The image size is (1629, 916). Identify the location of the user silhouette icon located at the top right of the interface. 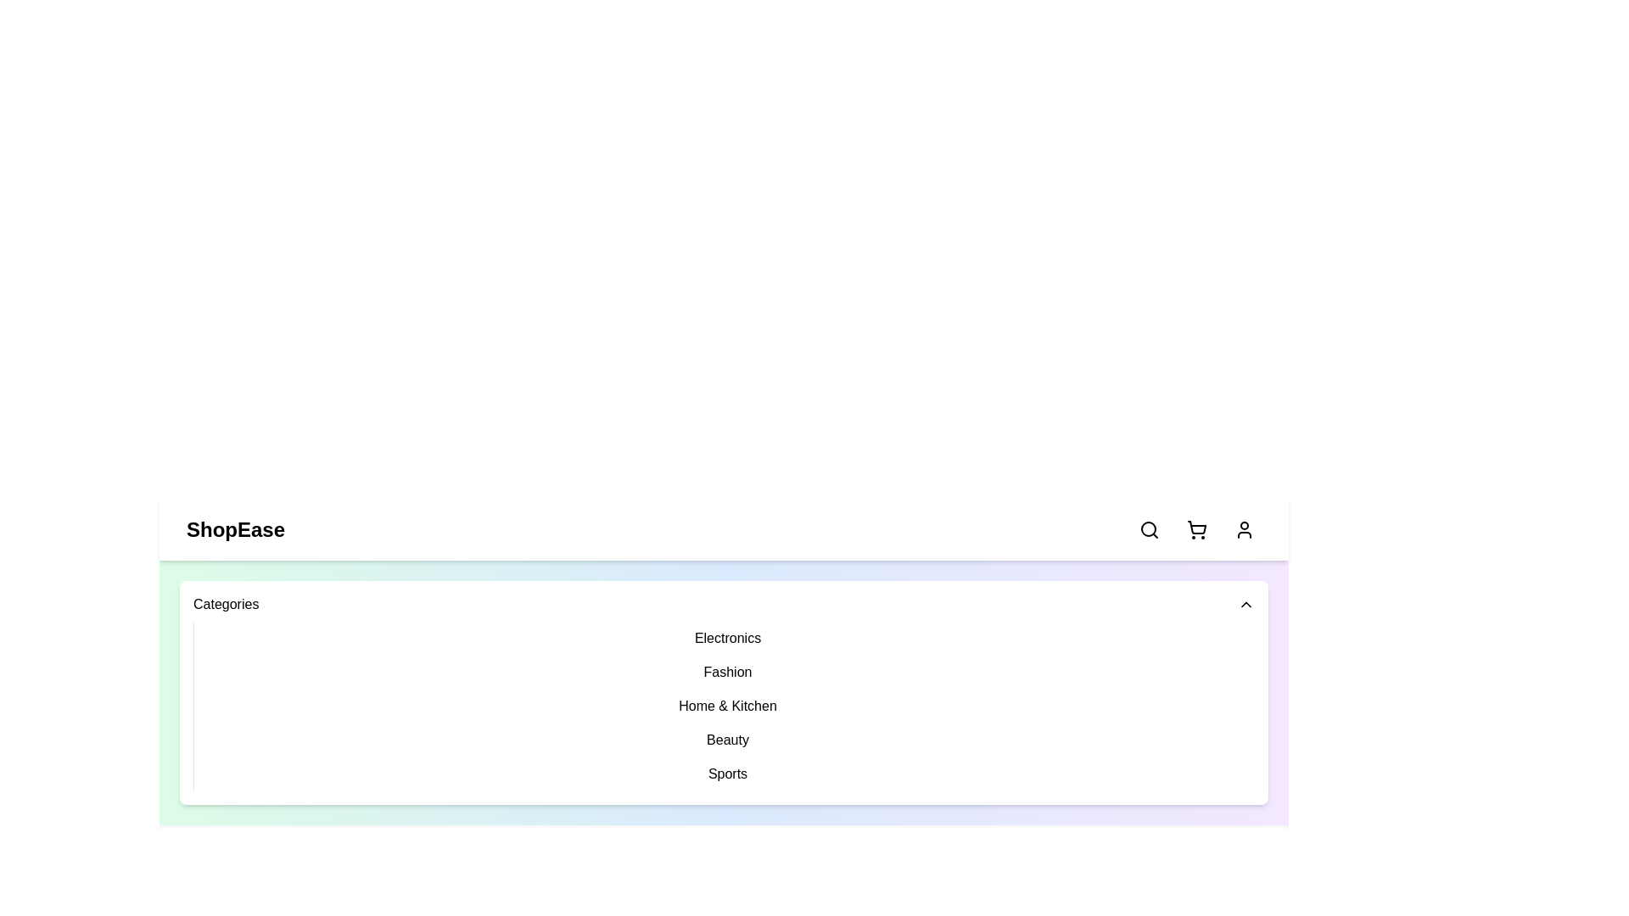
(1245, 528).